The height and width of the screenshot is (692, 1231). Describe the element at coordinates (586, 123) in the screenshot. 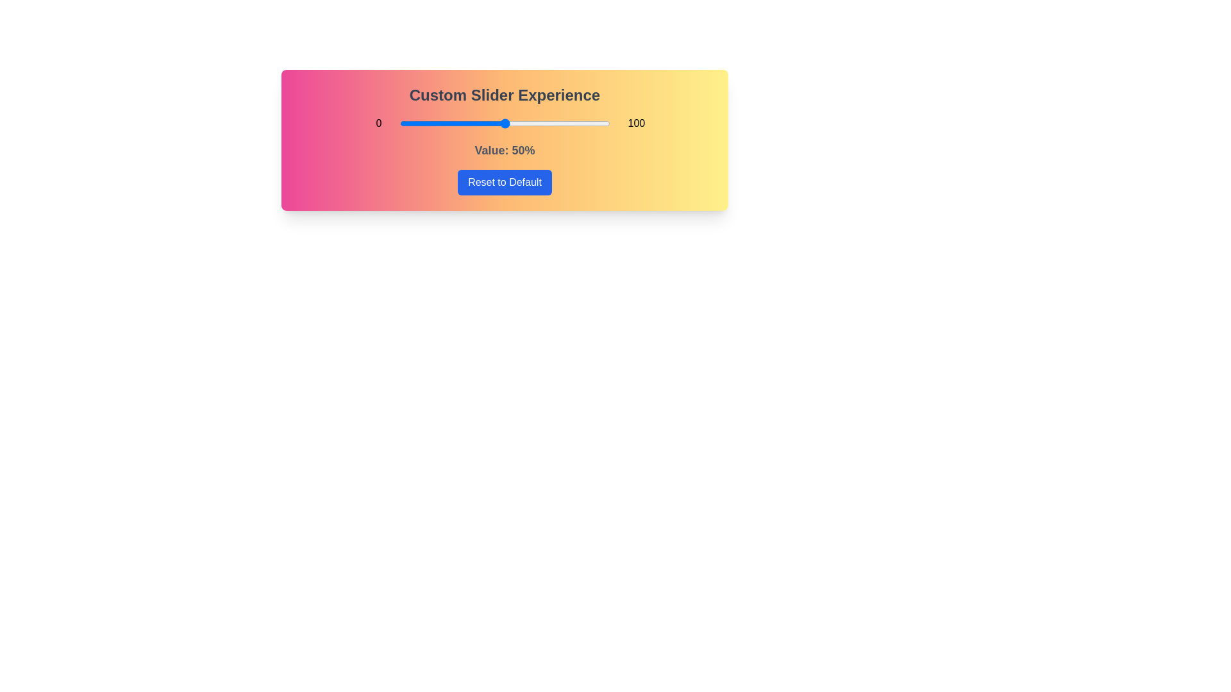

I see `the slider to 89% to explore the gradient background` at that location.